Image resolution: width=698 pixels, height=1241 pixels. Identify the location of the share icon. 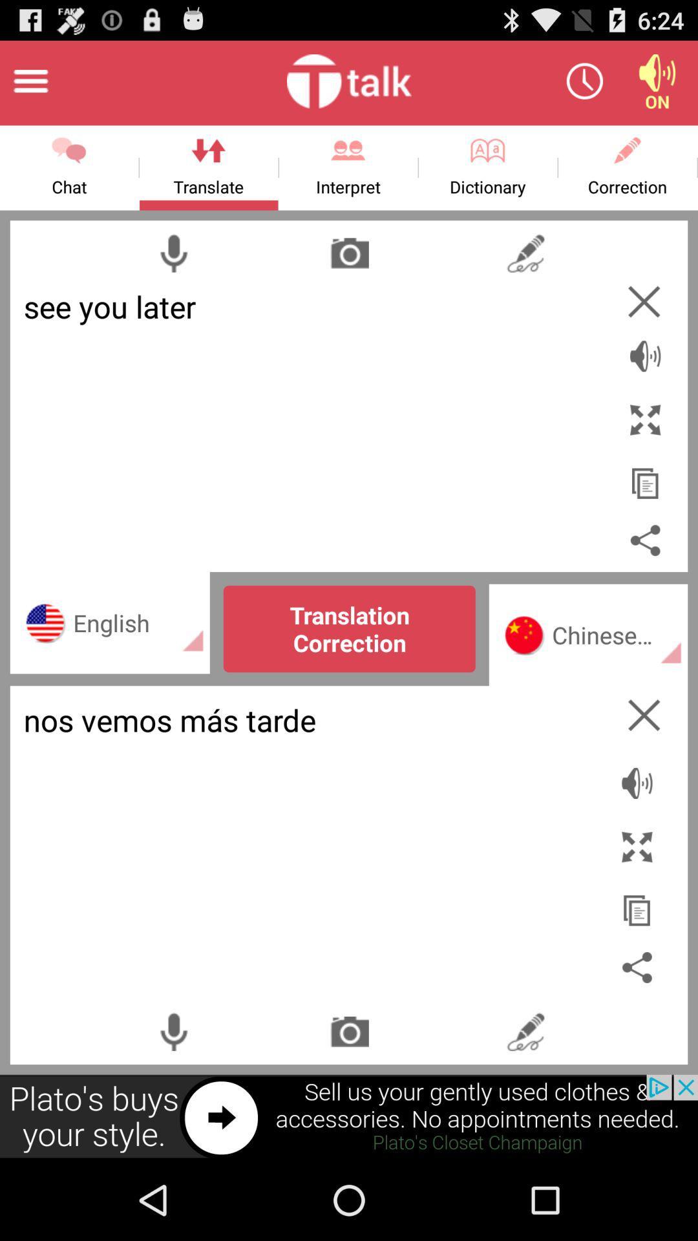
(640, 1035).